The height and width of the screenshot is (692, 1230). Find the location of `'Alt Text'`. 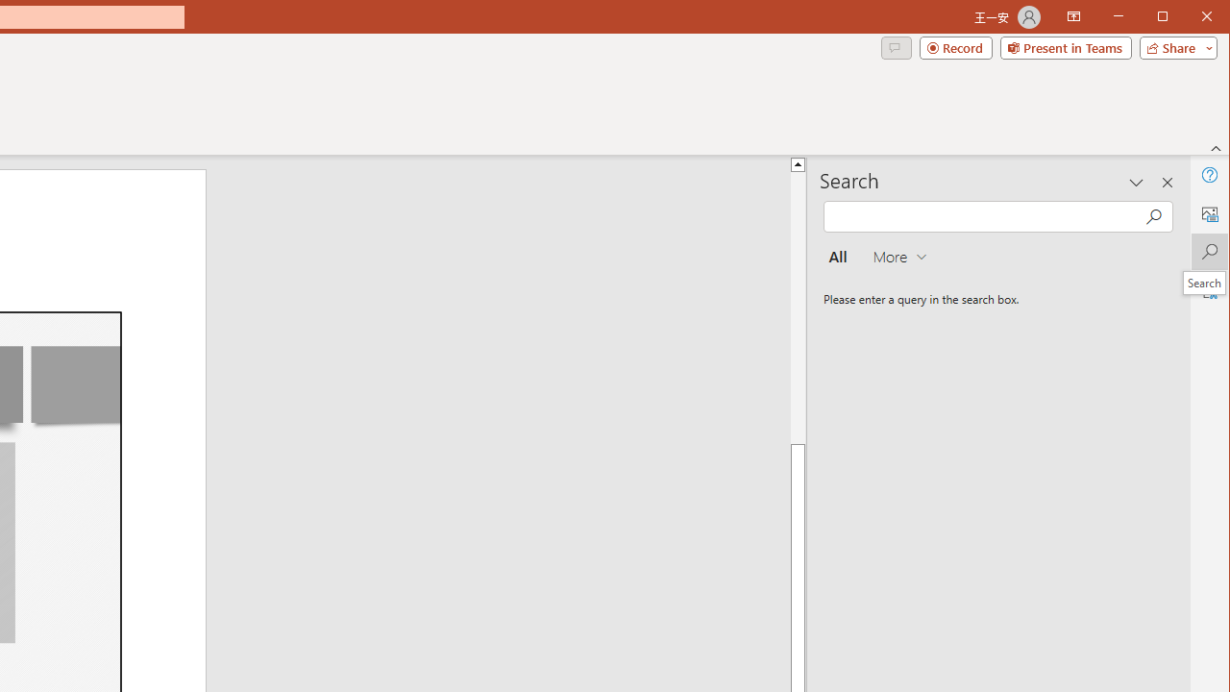

'Alt Text' is located at coordinates (1208, 213).